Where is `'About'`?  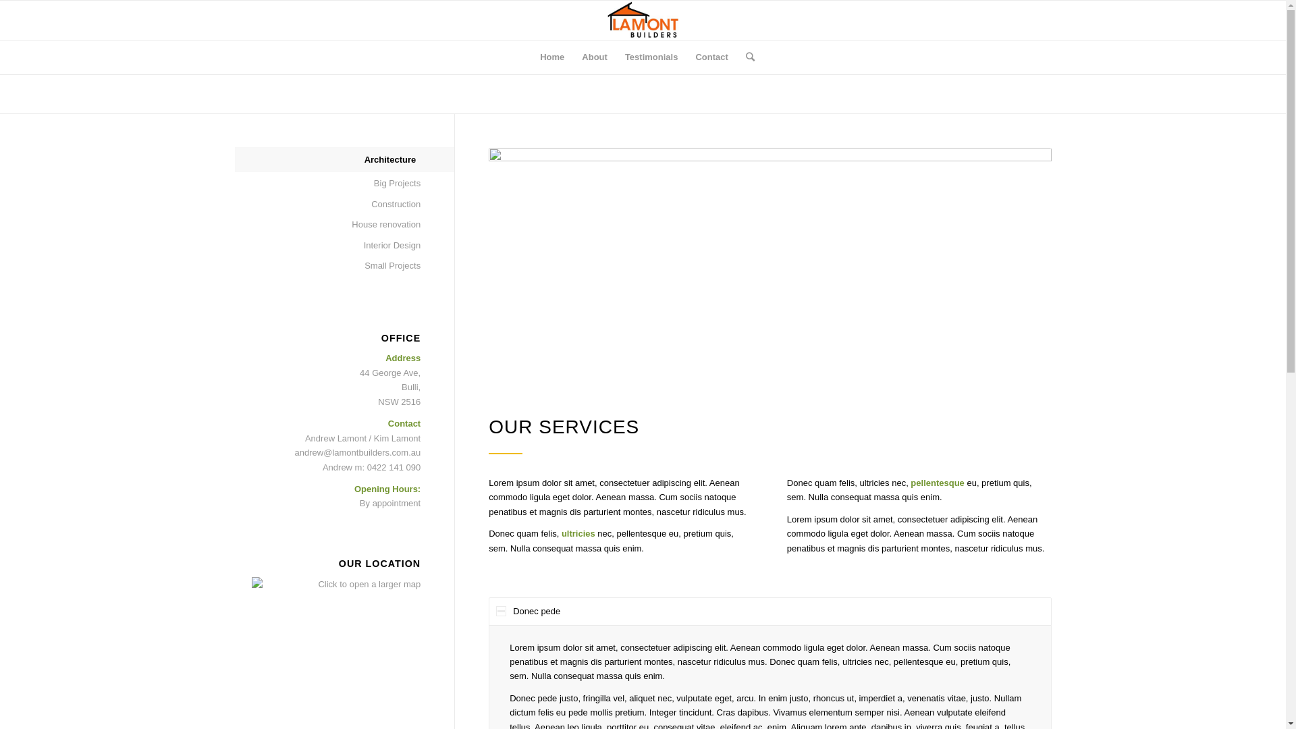
'About' is located at coordinates (594, 56).